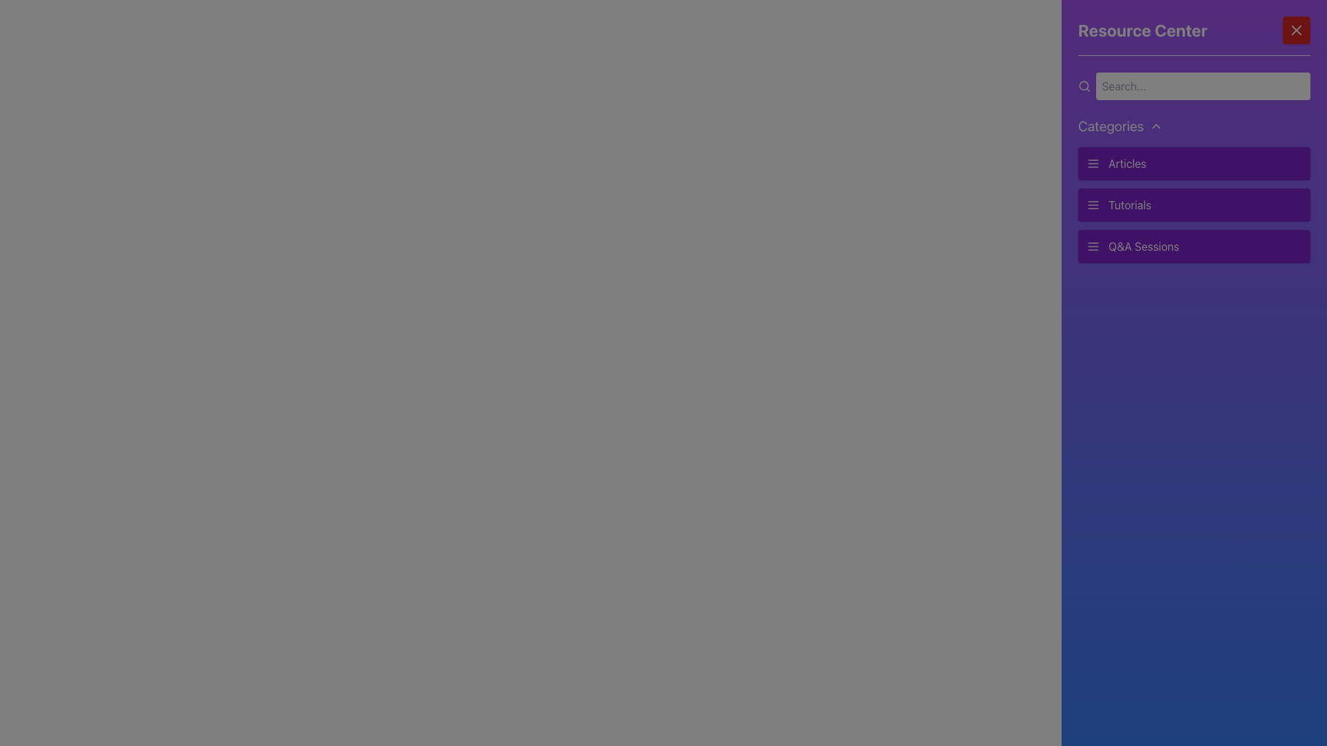 This screenshot has height=746, width=1327. I want to click on the 'Tutorials' navigation button located, so click(1194, 205).